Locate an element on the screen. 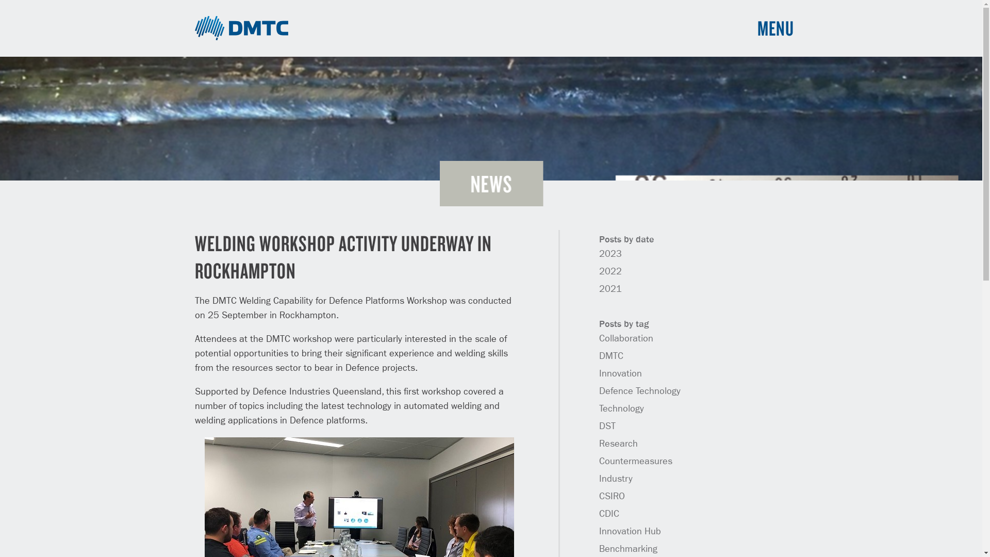 This screenshot has width=990, height=557. 'Technology' is located at coordinates (621, 408).